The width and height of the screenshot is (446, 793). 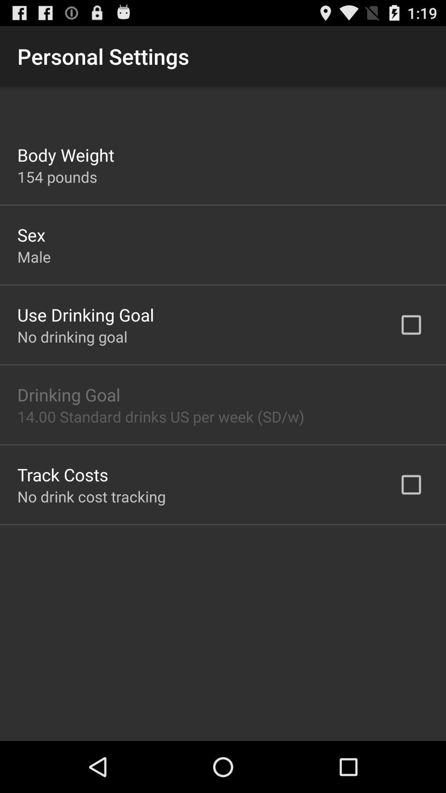 I want to click on the app below the body weight app, so click(x=57, y=176).